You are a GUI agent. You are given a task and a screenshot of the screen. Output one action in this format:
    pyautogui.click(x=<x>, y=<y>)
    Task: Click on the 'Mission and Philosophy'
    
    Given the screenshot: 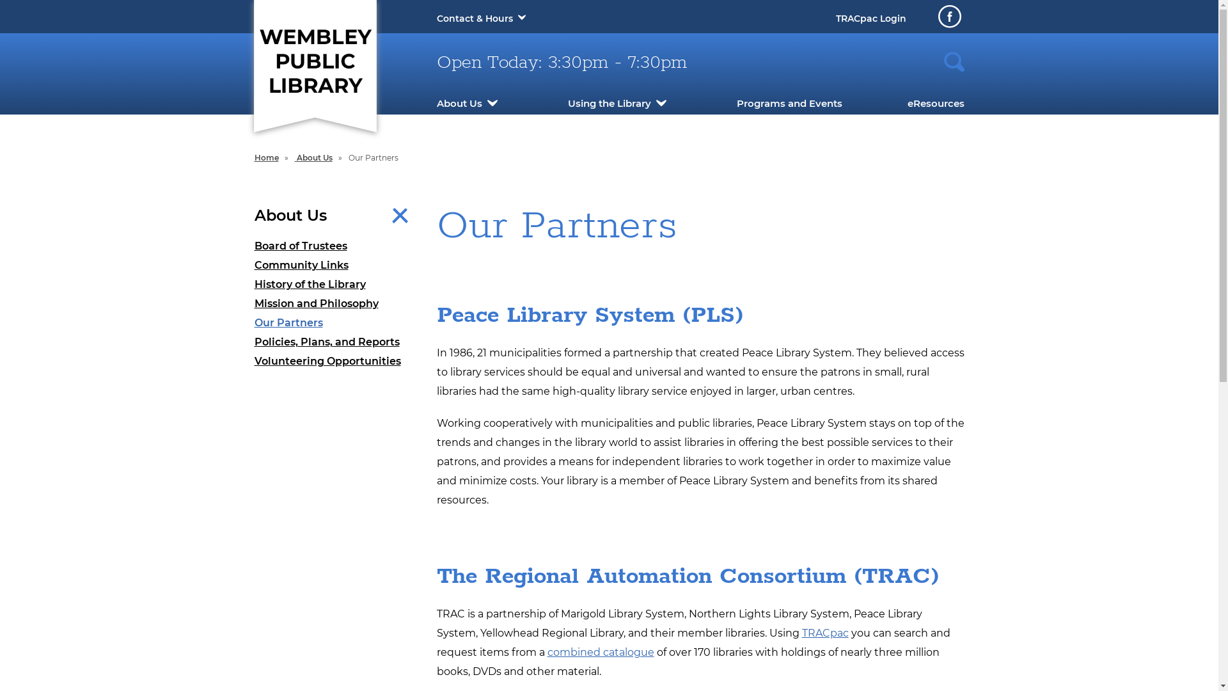 What is the action you would take?
    pyautogui.click(x=336, y=303)
    